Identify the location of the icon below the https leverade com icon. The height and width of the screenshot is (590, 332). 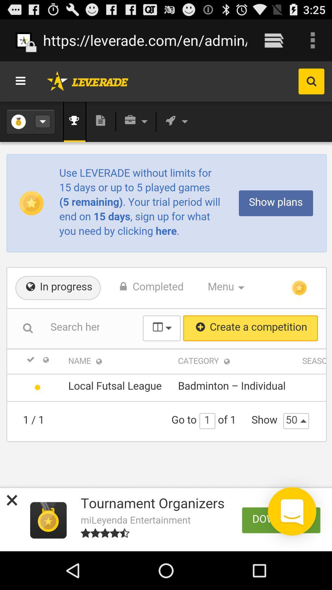
(166, 306).